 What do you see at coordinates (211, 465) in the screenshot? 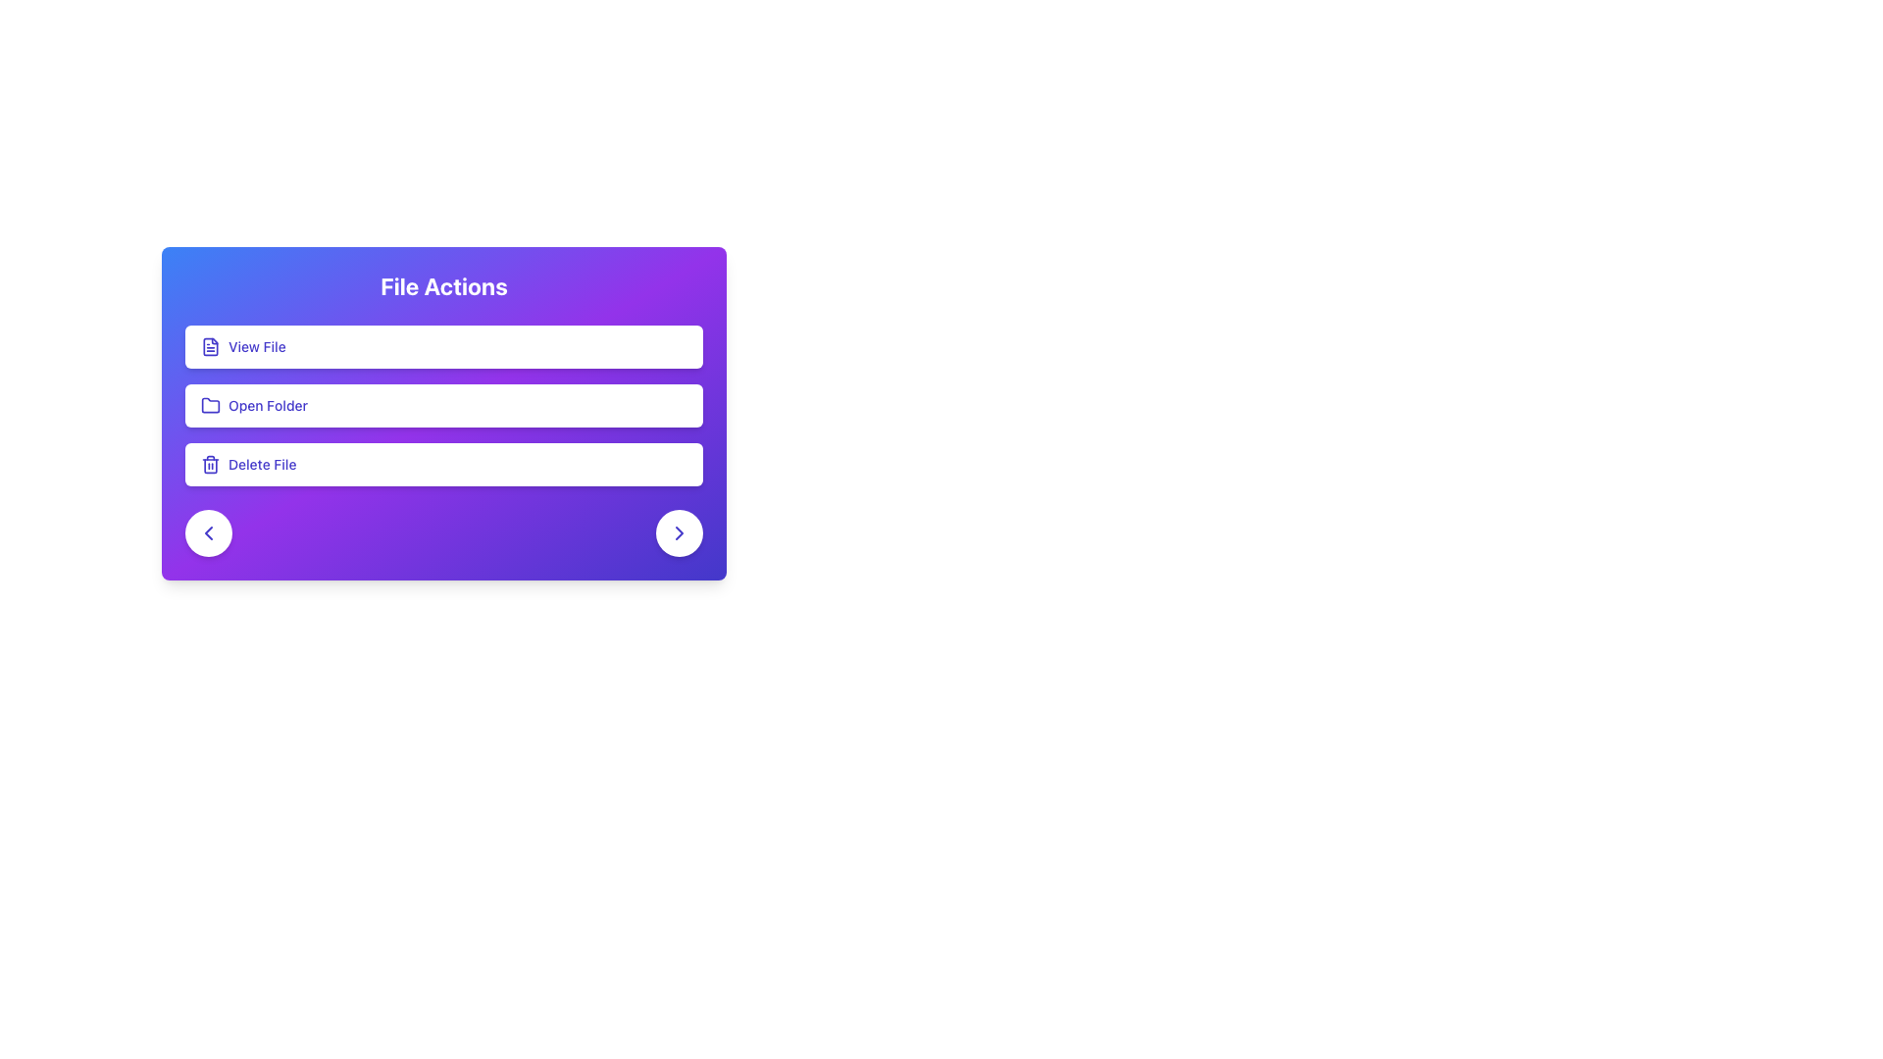
I see `the purple trash can icon next to the 'Delete File' label` at bounding box center [211, 465].